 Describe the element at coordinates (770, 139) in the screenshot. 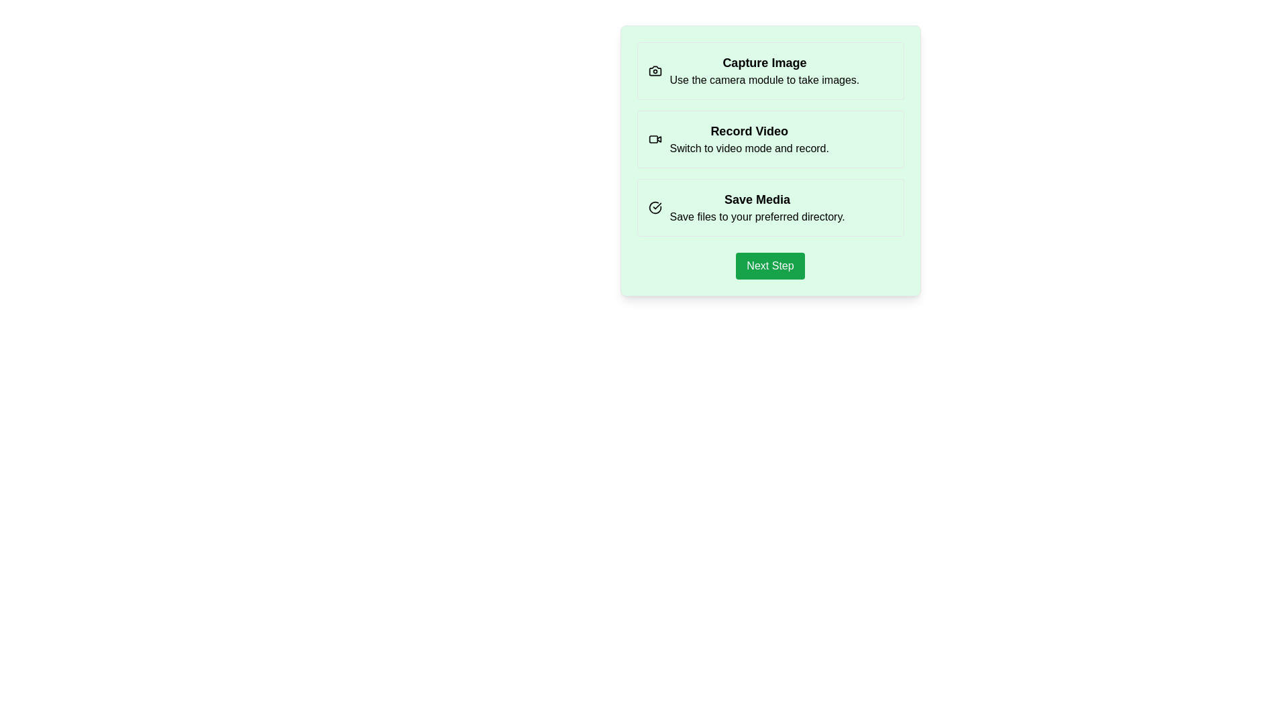

I see `the descriptive text block informing users about the video recording feature, which is positioned between 'Capture Image' and 'Save Media' in the UI` at that location.